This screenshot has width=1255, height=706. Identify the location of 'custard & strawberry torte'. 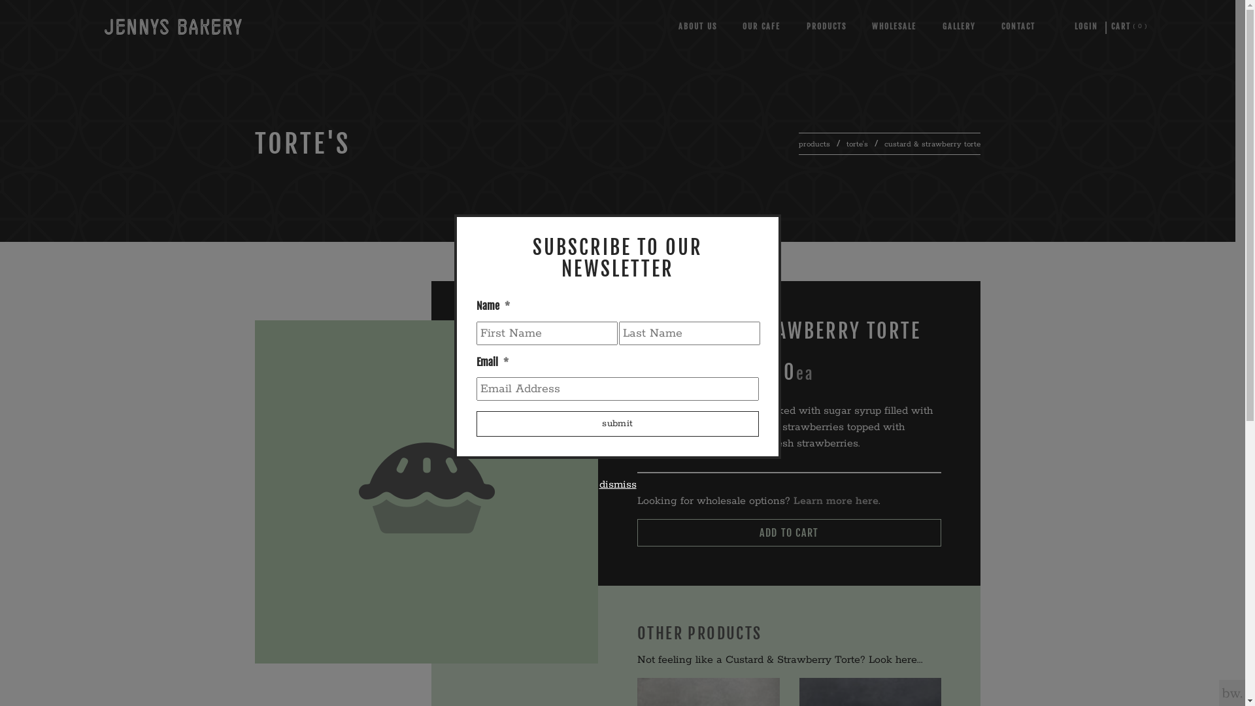
(931, 144).